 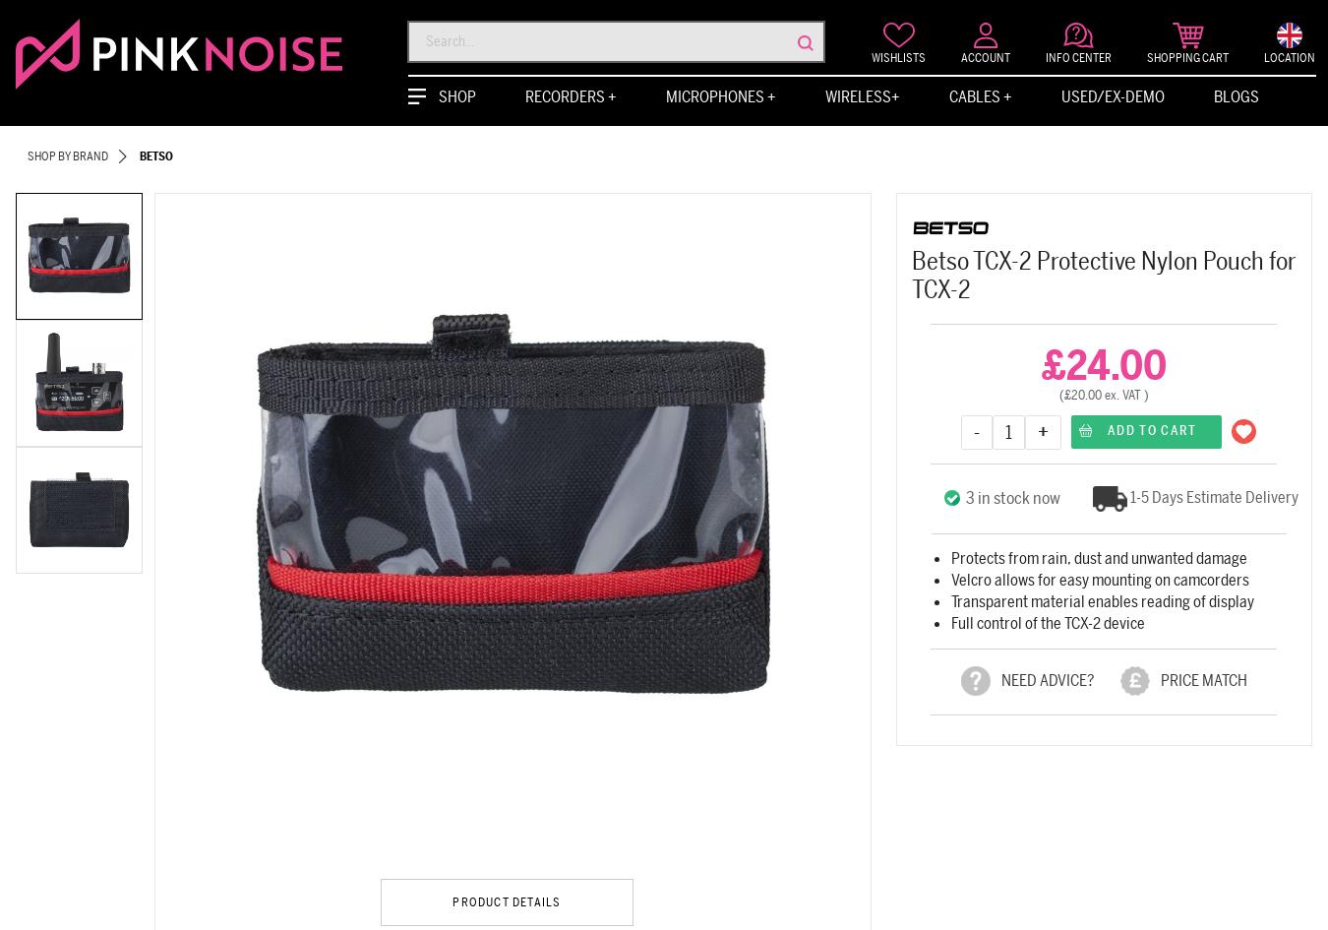 What do you see at coordinates (1112, 96) in the screenshot?
I see `'Used/Ex-Demo'` at bounding box center [1112, 96].